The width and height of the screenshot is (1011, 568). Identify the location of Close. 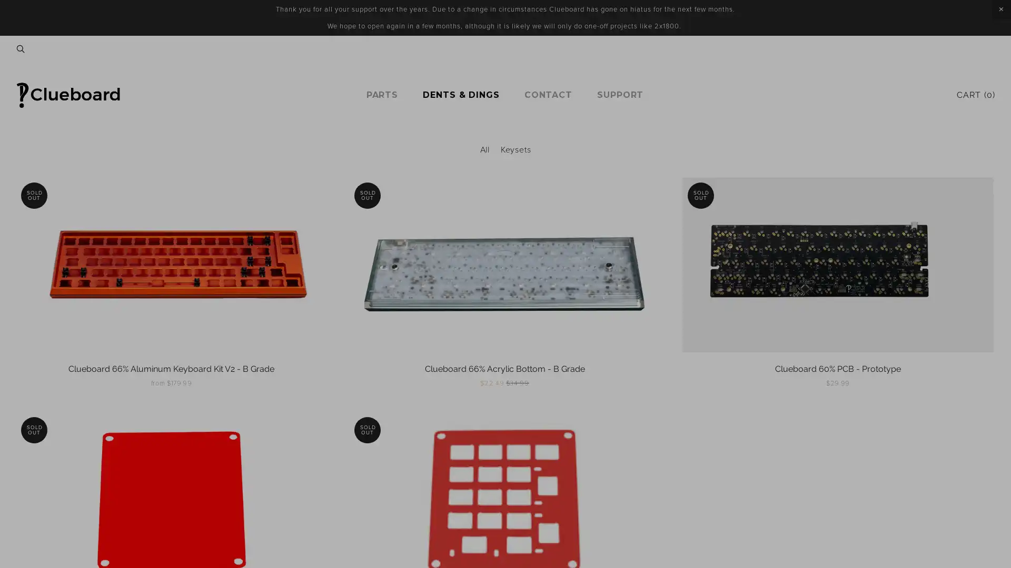
(656, 151).